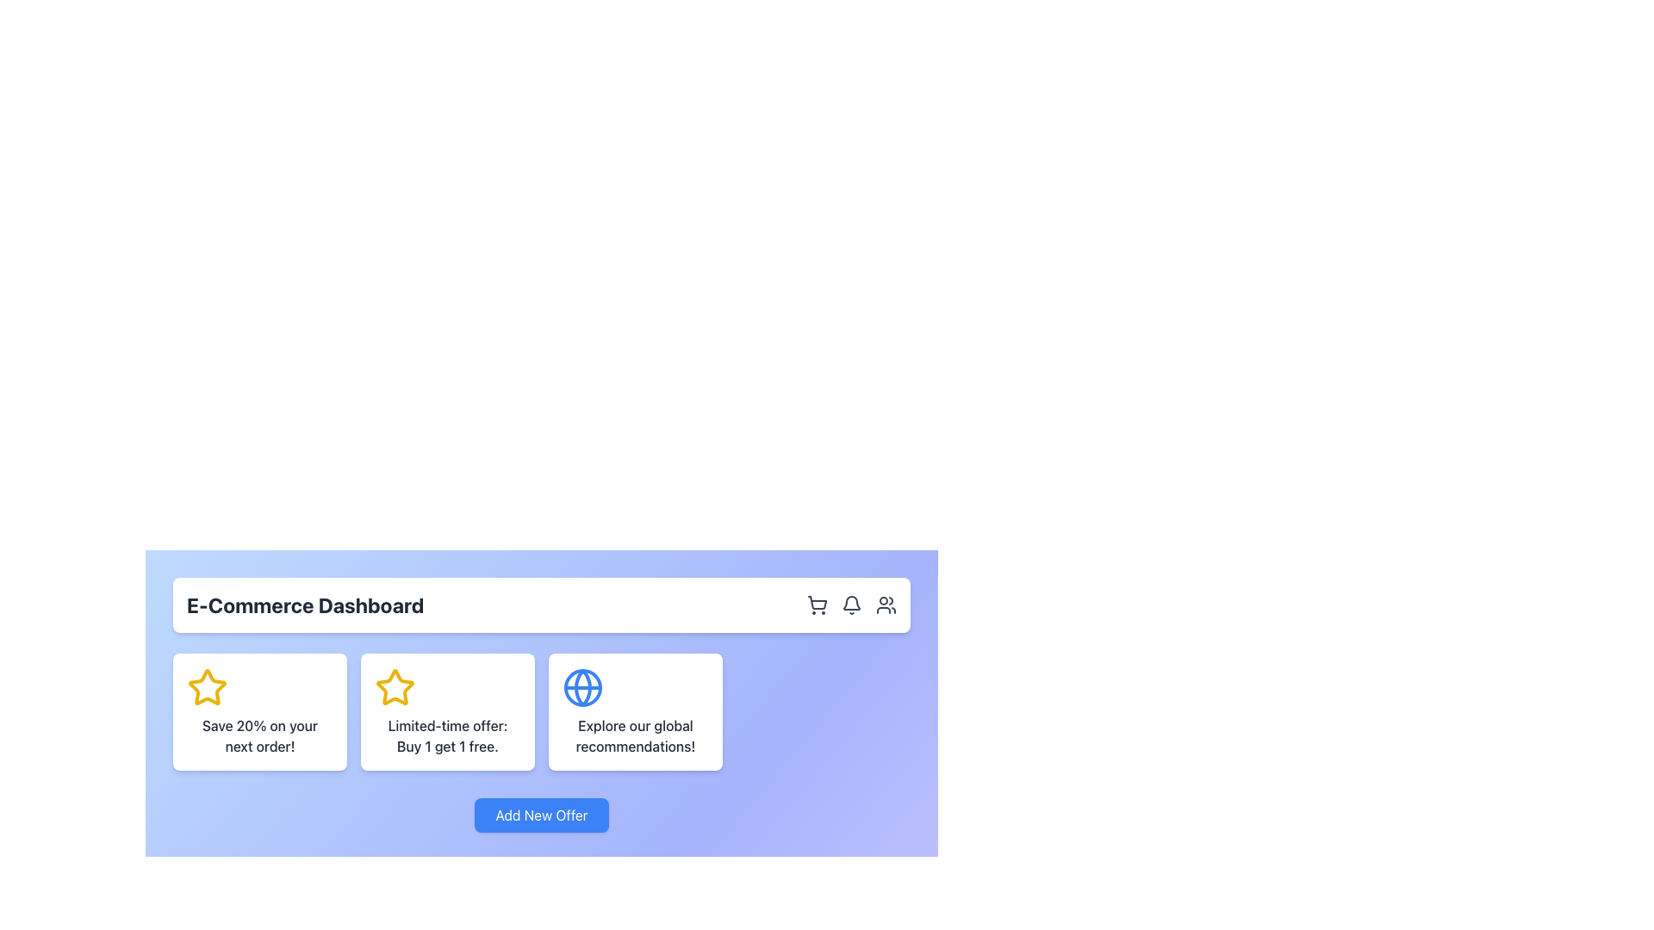  I want to click on the shopping cart icon located in the header area, which is the first icon in the horizontal row of navigation icons, so click(817, 604).